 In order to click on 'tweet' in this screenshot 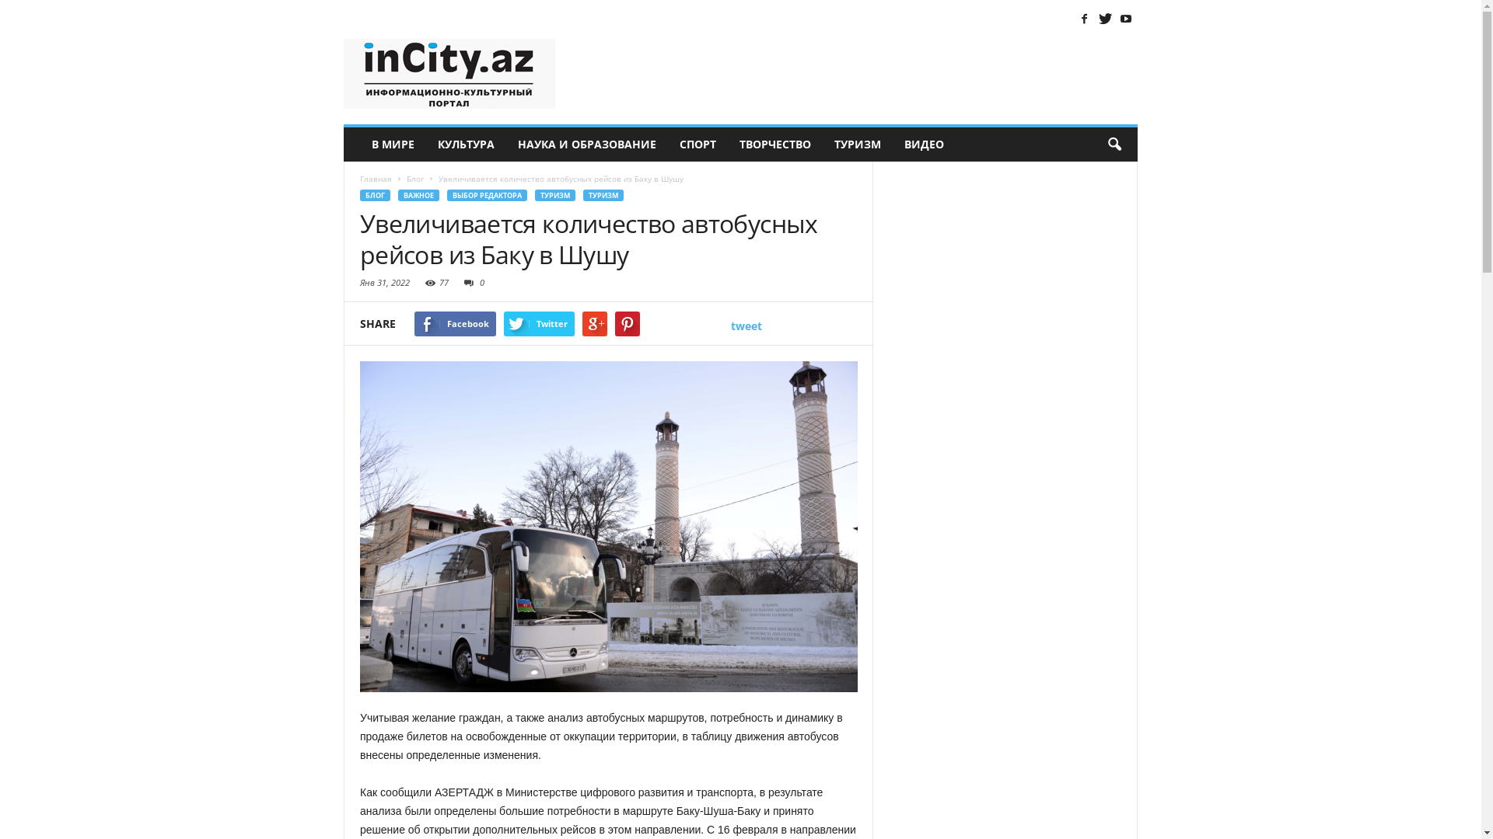, I will do `click(746, 326)`.